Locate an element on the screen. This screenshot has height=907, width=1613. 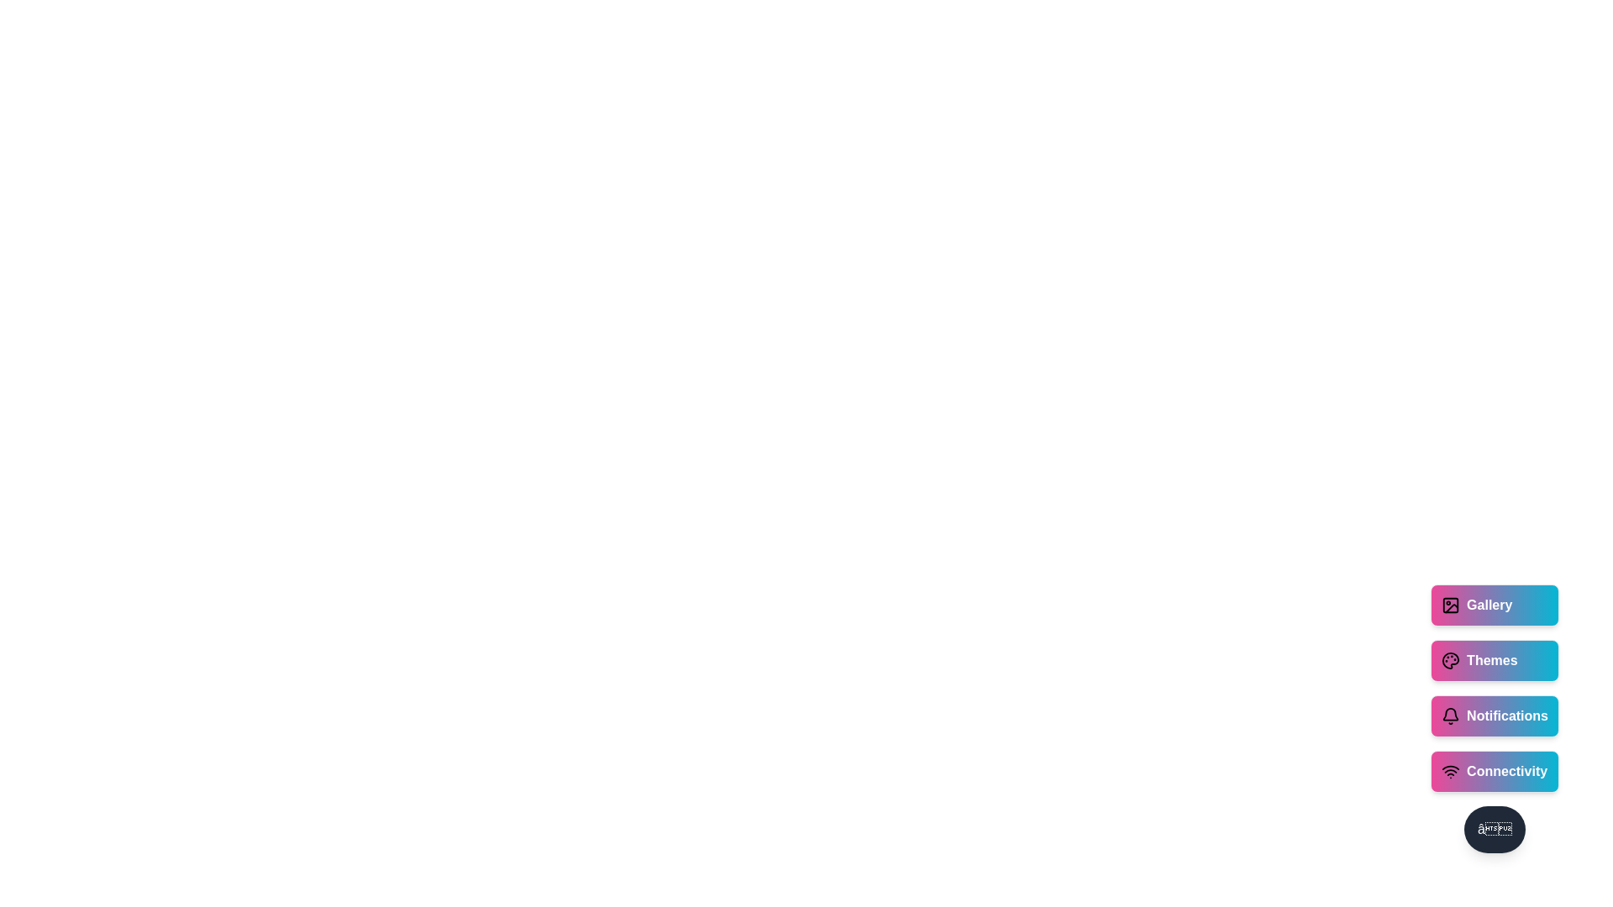
outermost arc of the Wi-Fi icon located within the 'Connectivity' button on the right side of the interface is located at coordinates (1450, 768).